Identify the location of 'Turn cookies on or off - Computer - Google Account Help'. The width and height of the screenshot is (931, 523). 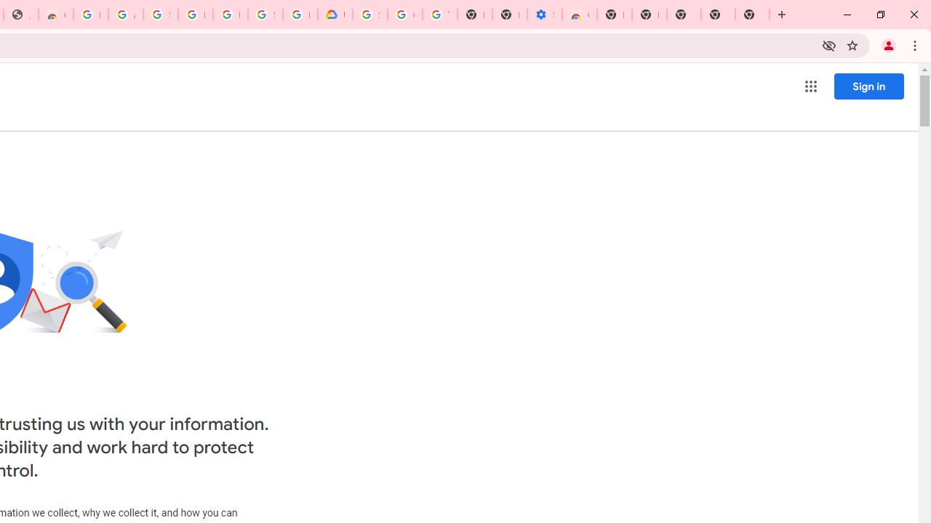
(439, 15).